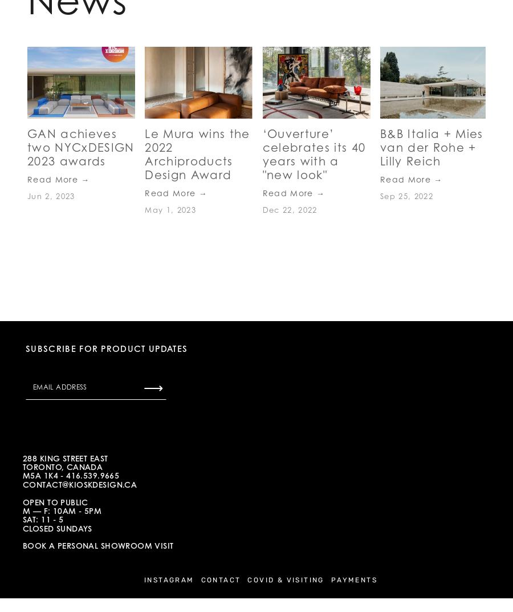 This screenshot has width=513, height=612. What do you see at coordinates (45, 519) in the screenshot?
I see `'Sat: 11 - 5'` at bounding box center [45, 519].